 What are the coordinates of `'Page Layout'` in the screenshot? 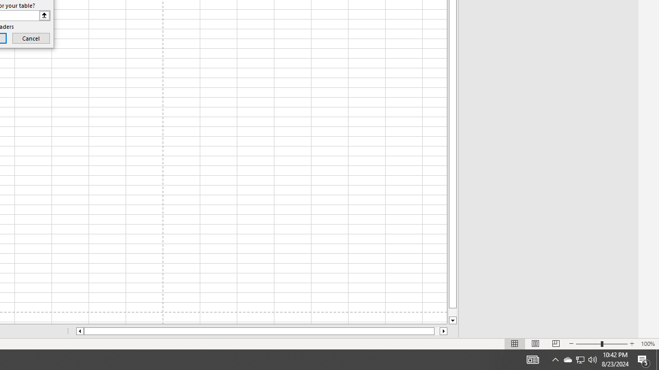 It's located at (535, 344).